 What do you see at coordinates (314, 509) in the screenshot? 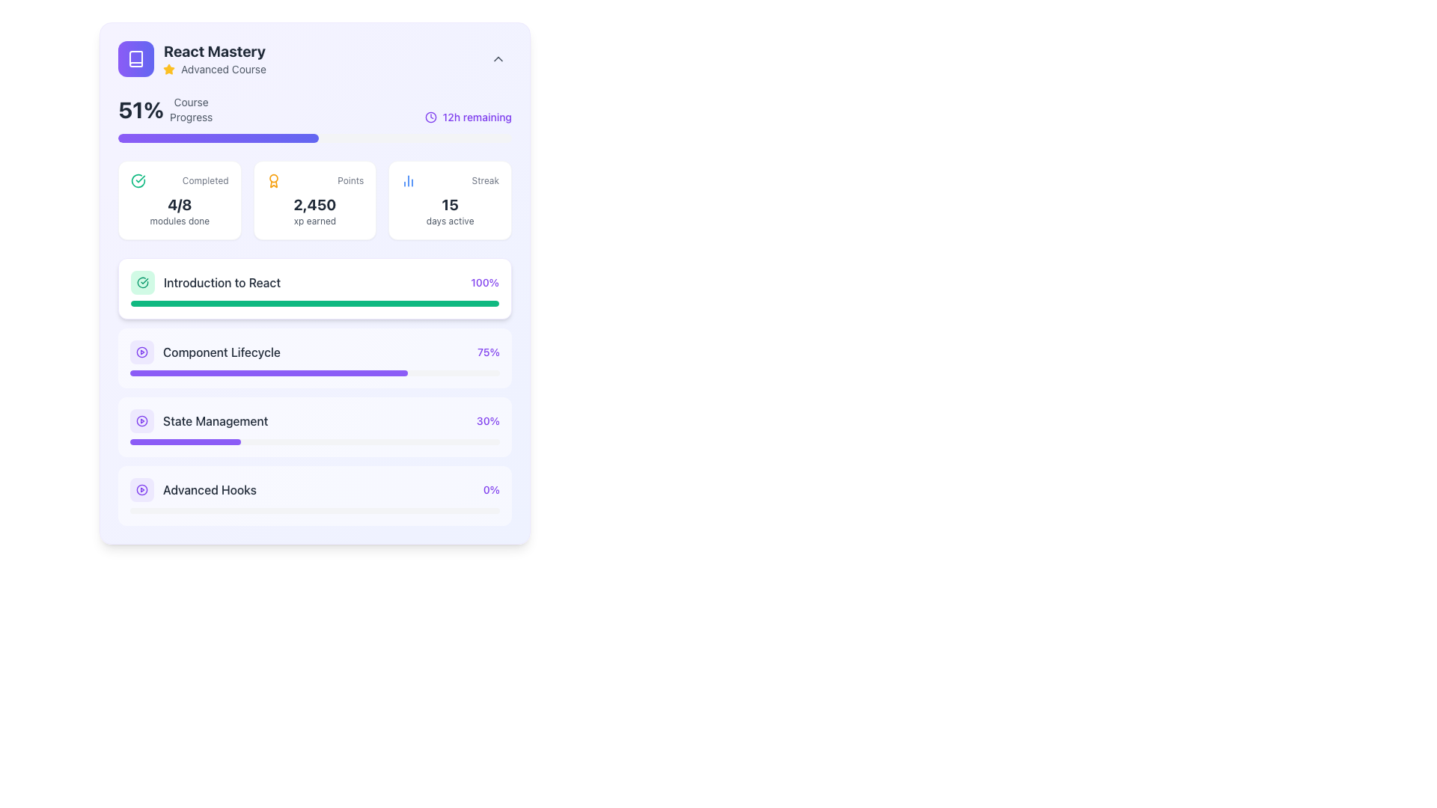
I see `the horizontal progress bar with a light gray background and violet-colored filled section located at the bottom of the 'Advanced Hooks' section in the 'React Mastery' course` at bounding box center [314, 509].